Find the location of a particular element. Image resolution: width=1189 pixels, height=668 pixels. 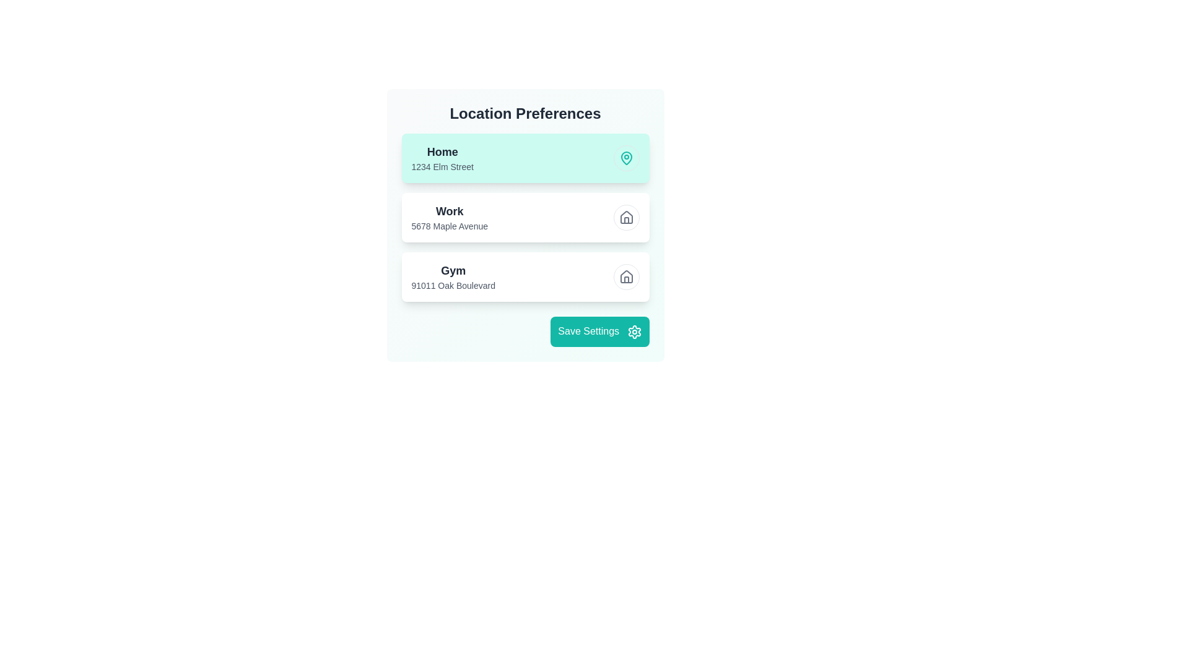

the location Home by clicking its corresponding button is located at coordinates (626, 157).